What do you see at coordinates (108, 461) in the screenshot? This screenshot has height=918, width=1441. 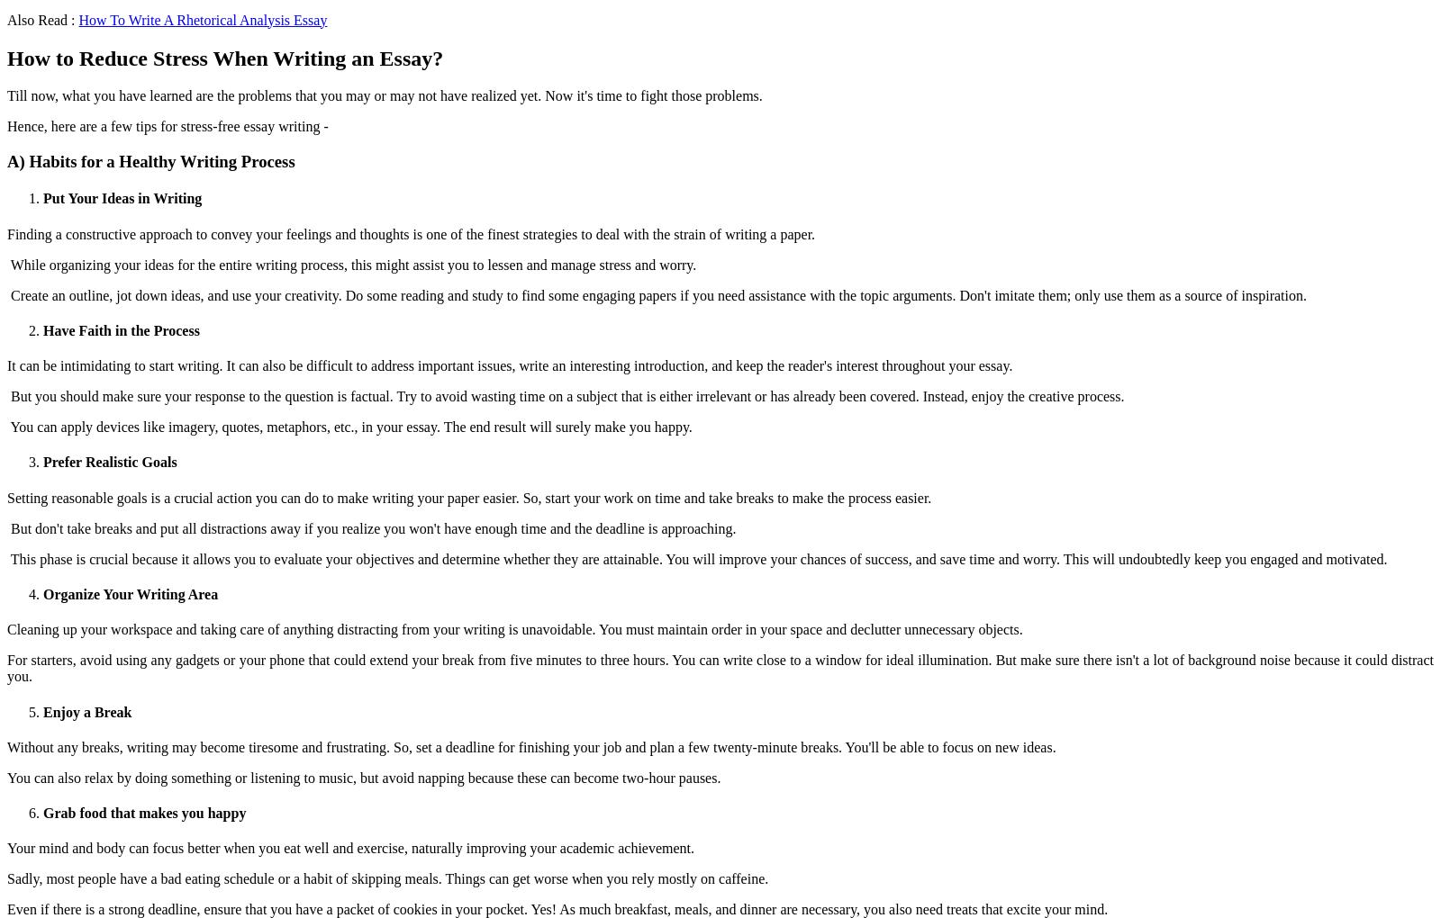 I see `'Prefer Realistic Goals'` at bounding box center [108, 461].